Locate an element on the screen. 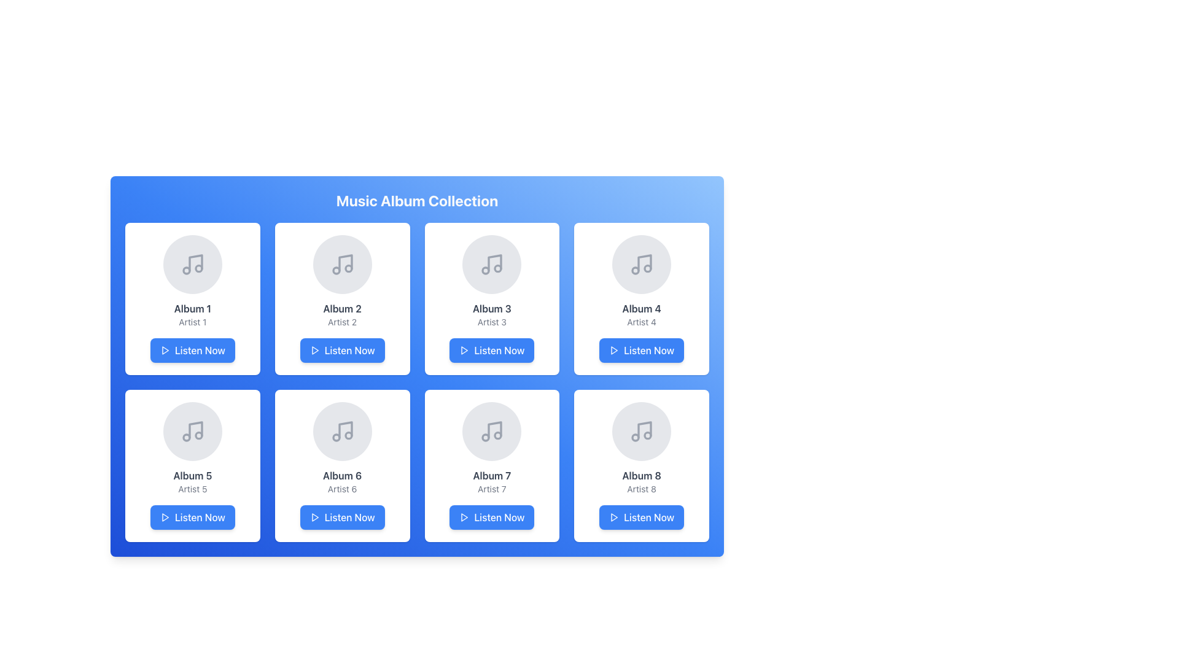  the static text label displaying 'Artist 3', which is located below 'Album 3' within the card in the top row, third column of the music album grid is located at coordinates (492, 321).